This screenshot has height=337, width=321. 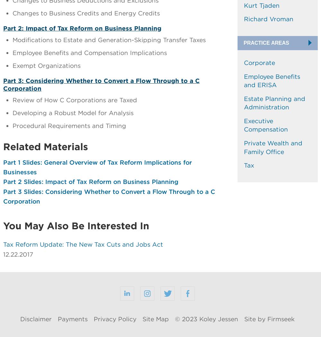 What do you see at coordinates (265, 124) in the screenshot?
I see `'Executive Compensation'` at bounding box center [265, 124].